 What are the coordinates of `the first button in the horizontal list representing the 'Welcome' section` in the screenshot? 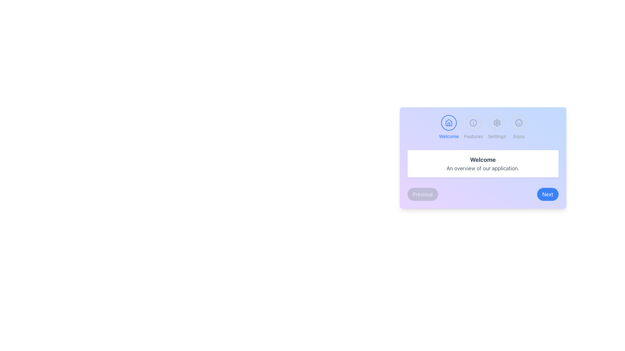 It's located at (448, 127).